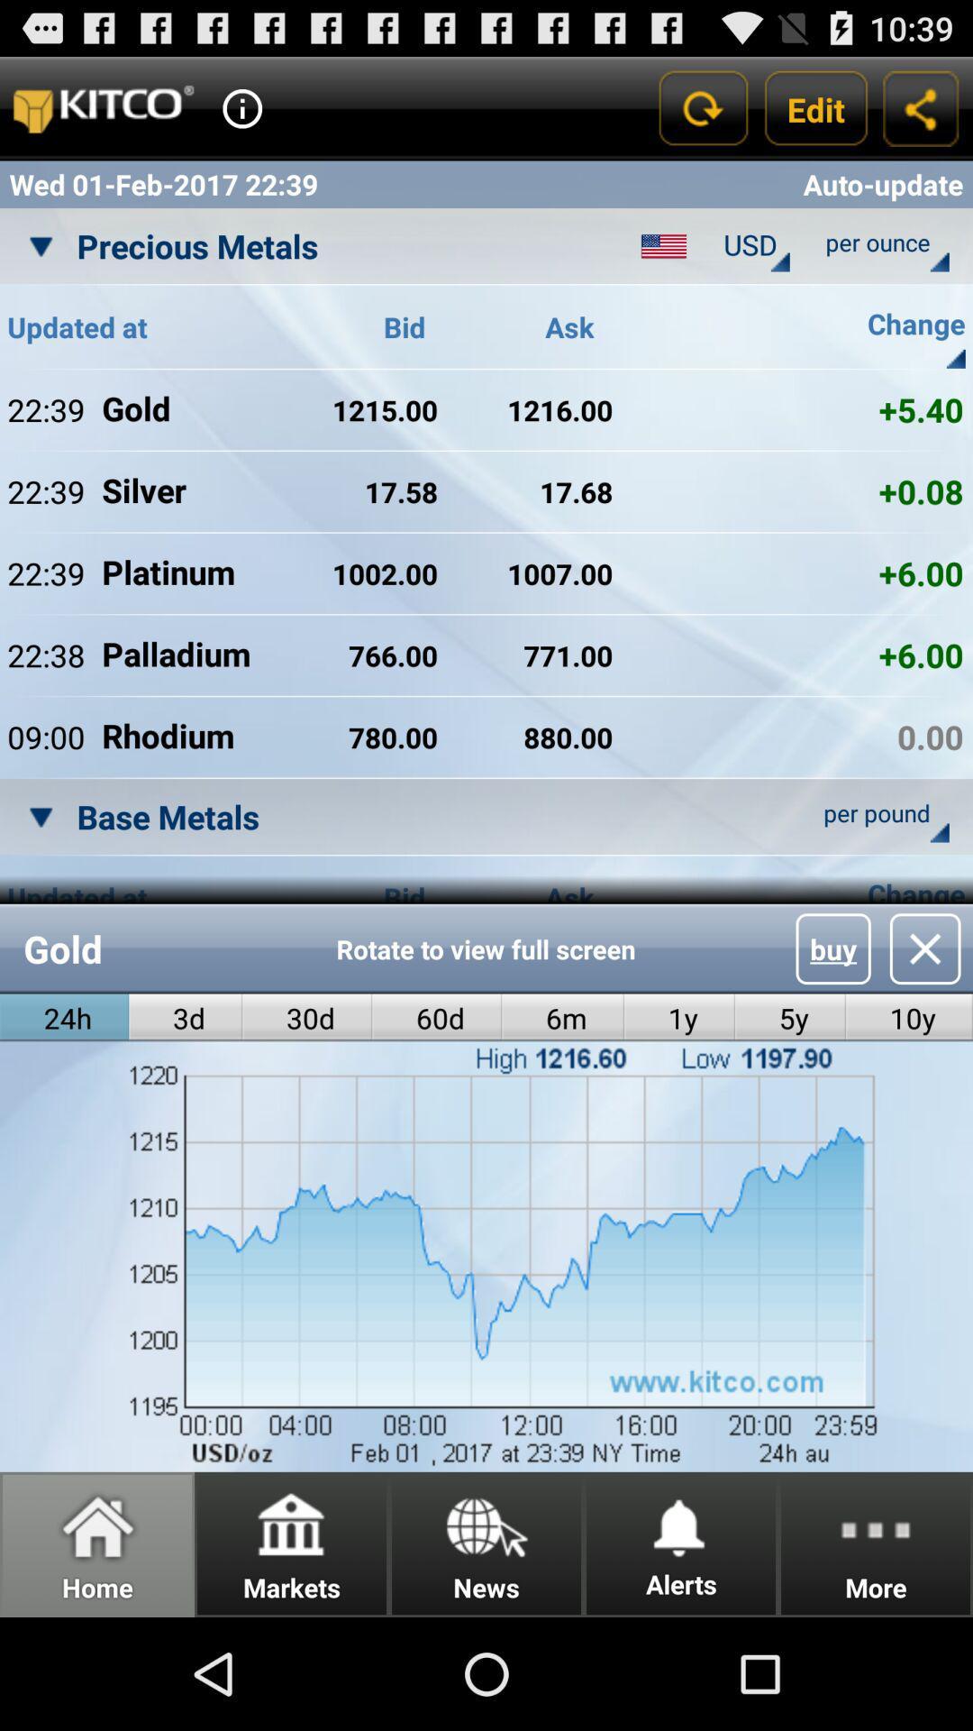  I want to click on the window, so click(925, 948).